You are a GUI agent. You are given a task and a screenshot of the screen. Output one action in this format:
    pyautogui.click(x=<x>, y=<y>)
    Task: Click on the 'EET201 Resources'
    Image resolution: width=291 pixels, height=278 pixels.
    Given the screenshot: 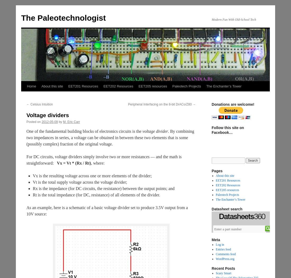 What is the action you would take?
    pyautogui.click(x=227, y=180)
    